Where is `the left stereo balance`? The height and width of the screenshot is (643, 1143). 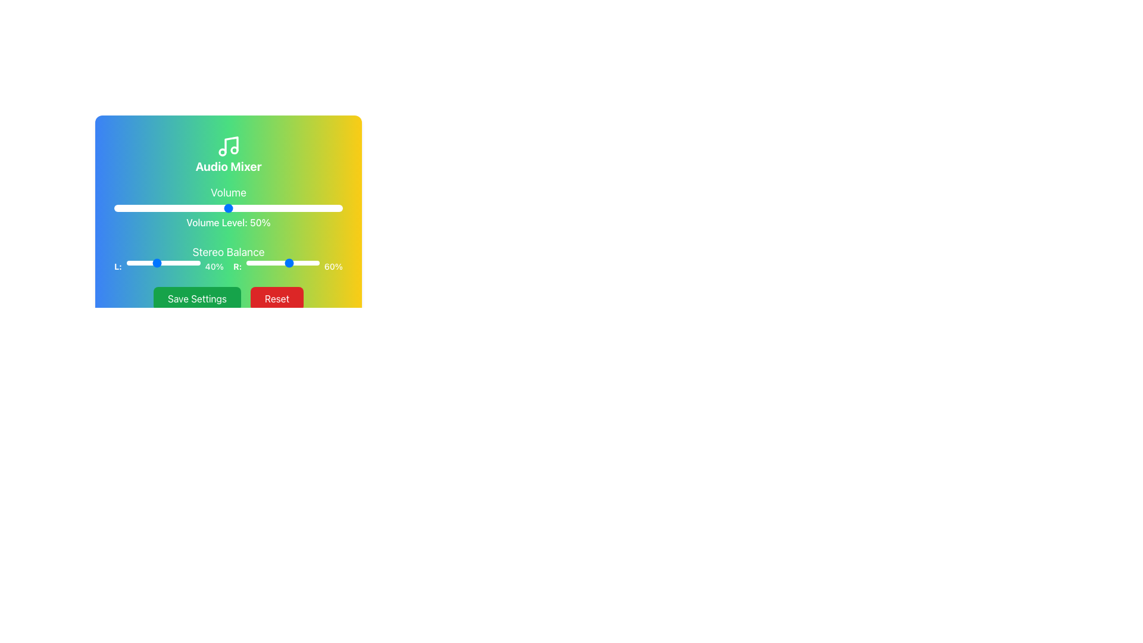 the left stereo balance is located at coordinates (193, 263).